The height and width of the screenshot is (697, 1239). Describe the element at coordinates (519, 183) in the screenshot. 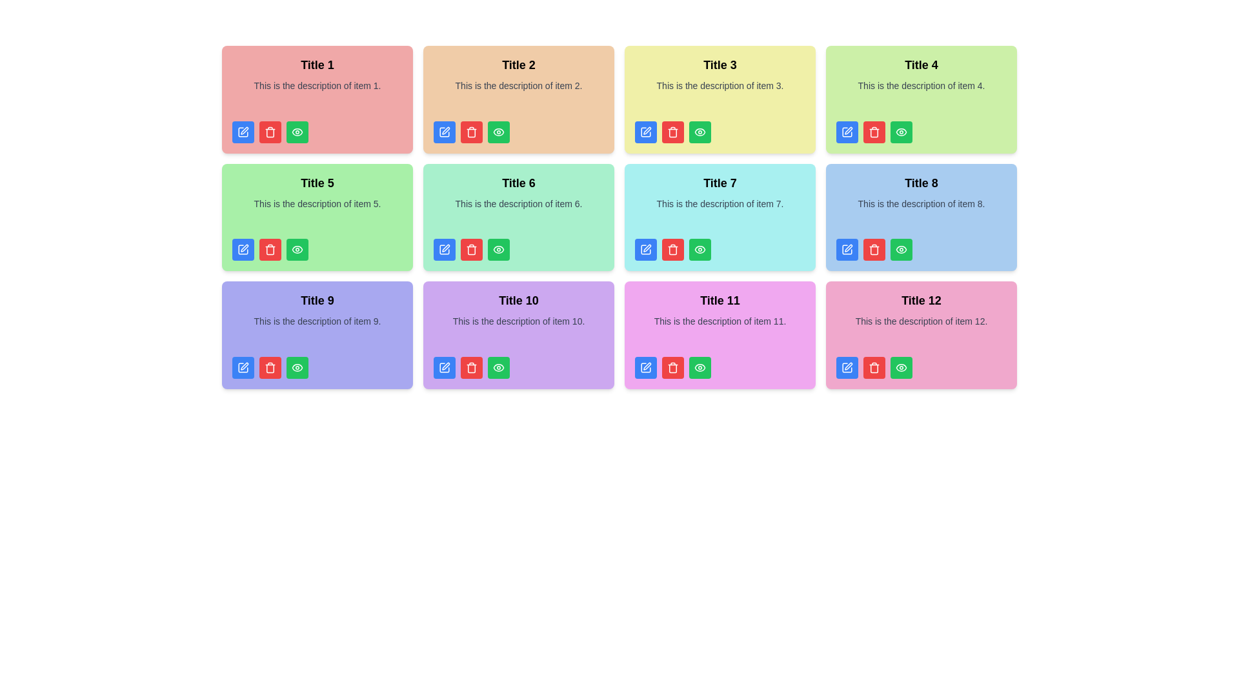

I see `the static text label that serves as a title for the green card in the second row, third column of the grid layout` at that location.